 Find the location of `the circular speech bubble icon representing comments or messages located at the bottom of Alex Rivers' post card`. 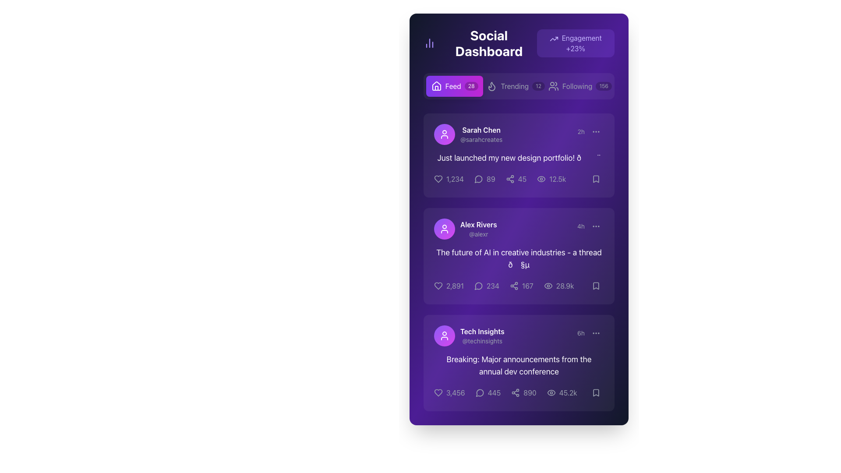

the circular speech bubble icon representing comments or messages located at the bottom of Alex Rivers' post card is located at coordinates (478, 286).